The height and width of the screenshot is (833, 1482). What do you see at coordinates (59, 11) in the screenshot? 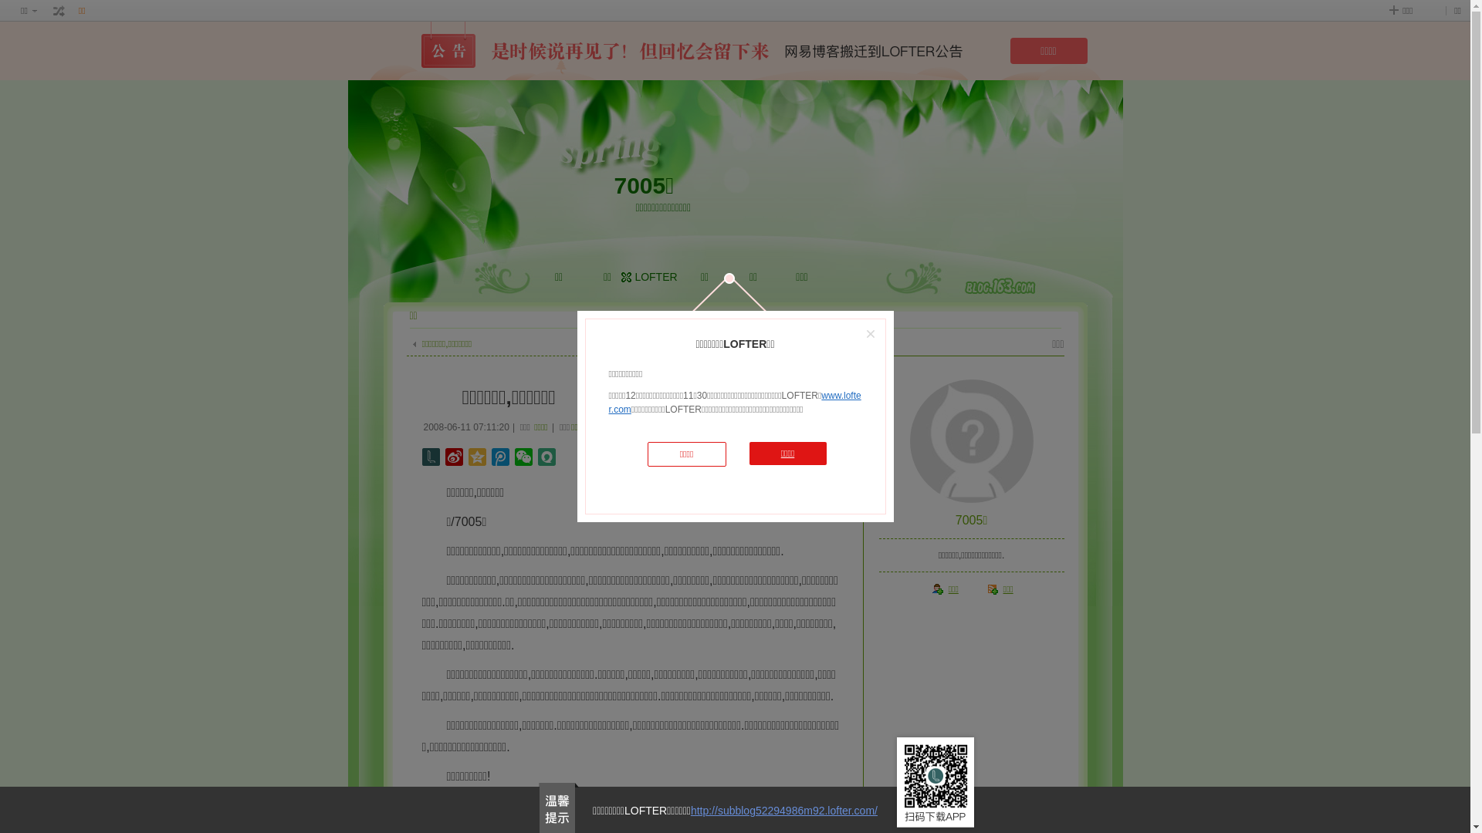
I see `' '` at bounding box center [59, 11].